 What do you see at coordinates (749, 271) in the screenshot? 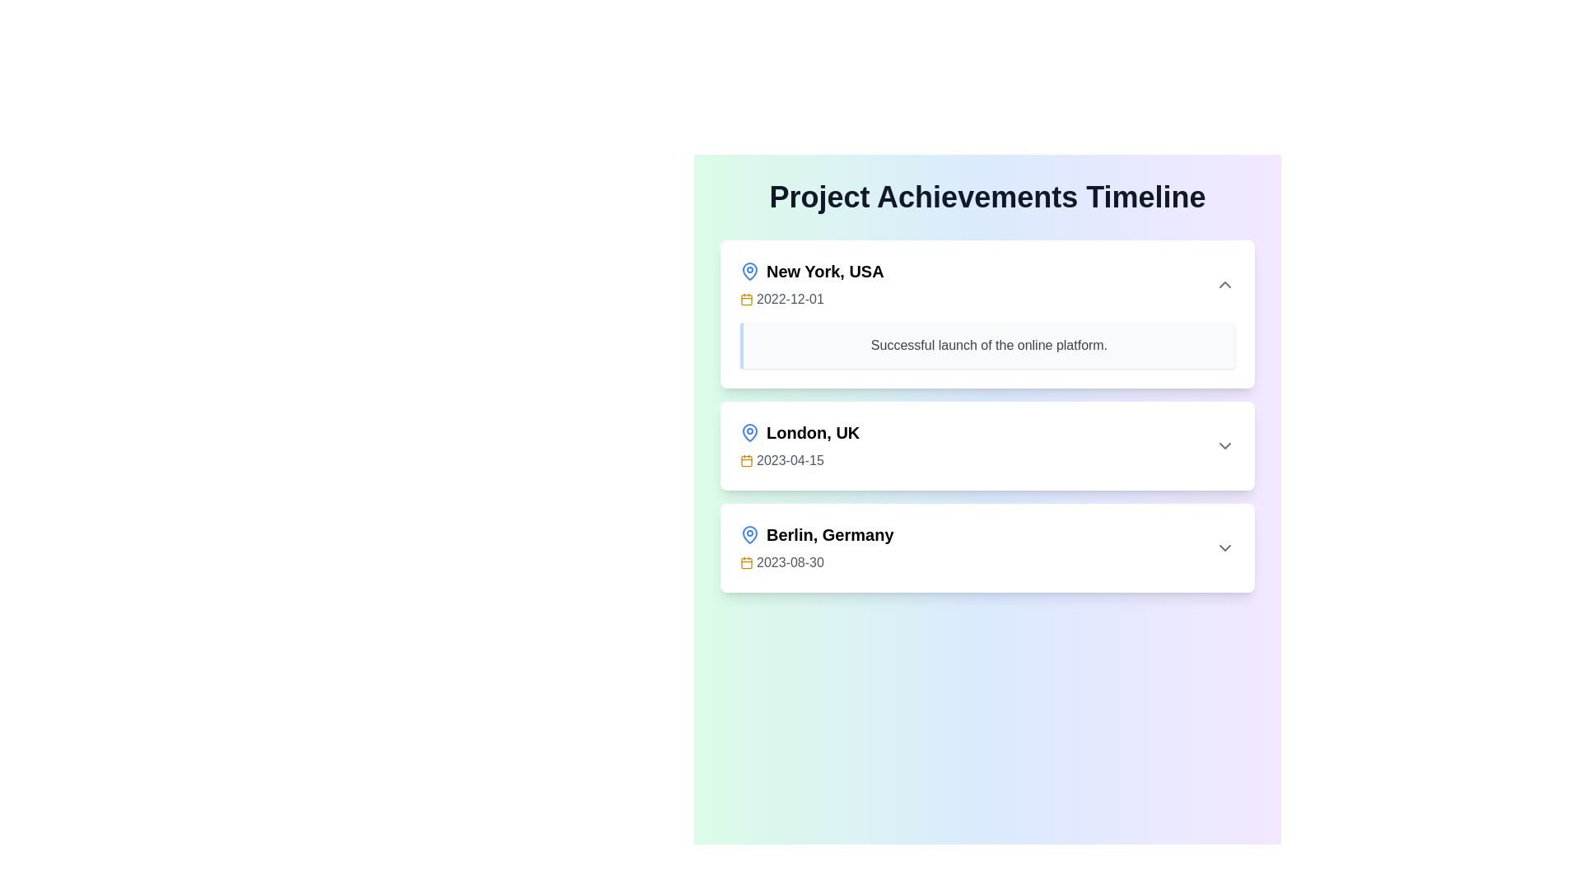
I see `the geographical location SVG Icon located next to the text 'New York, USA' in the first timeline entry` at bounding box center [749, 271].